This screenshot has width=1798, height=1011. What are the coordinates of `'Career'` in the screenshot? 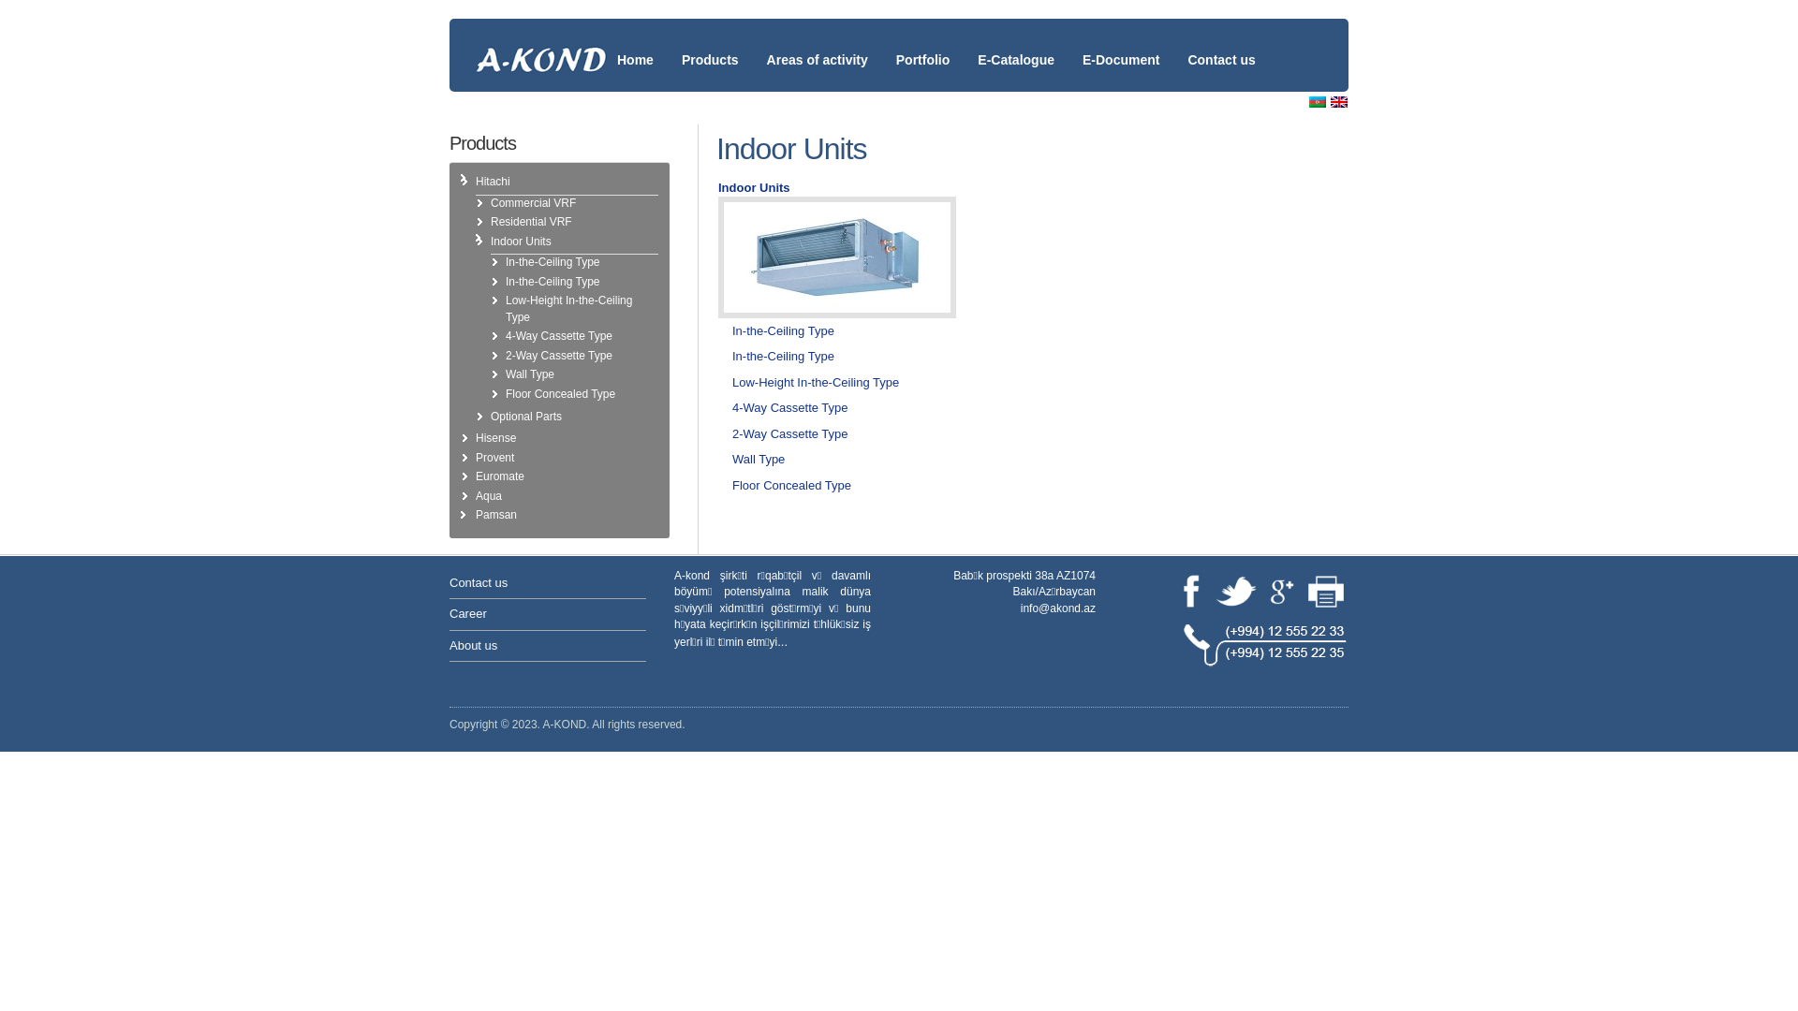 It's located at (467, 613).